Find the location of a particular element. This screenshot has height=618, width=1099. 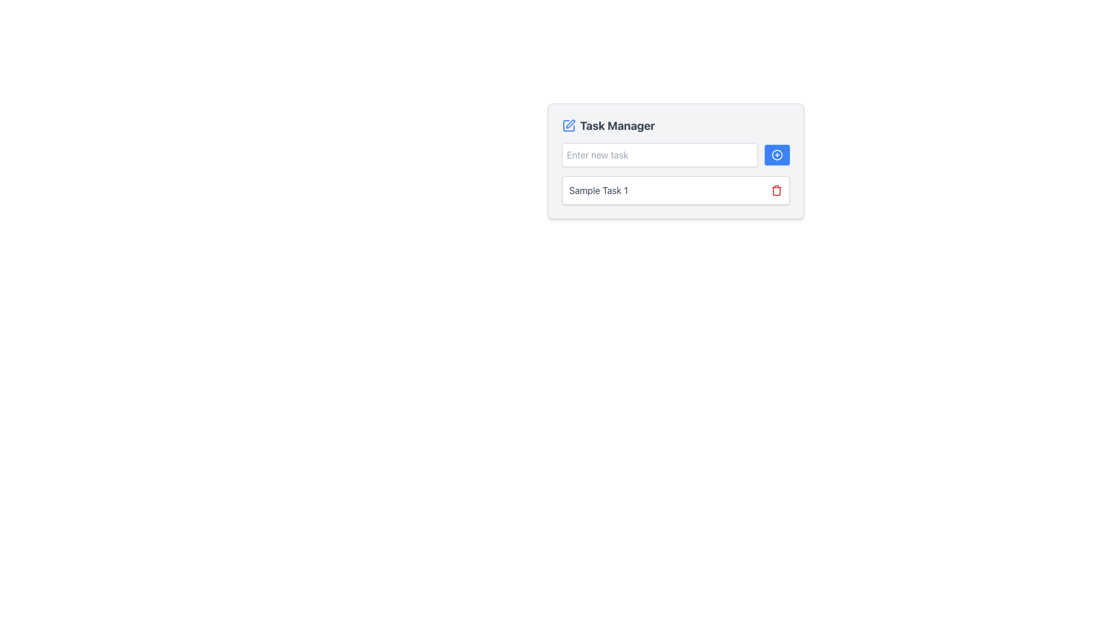

the blue circular button with a white plus sign icon is located at coordinates (777, 154).